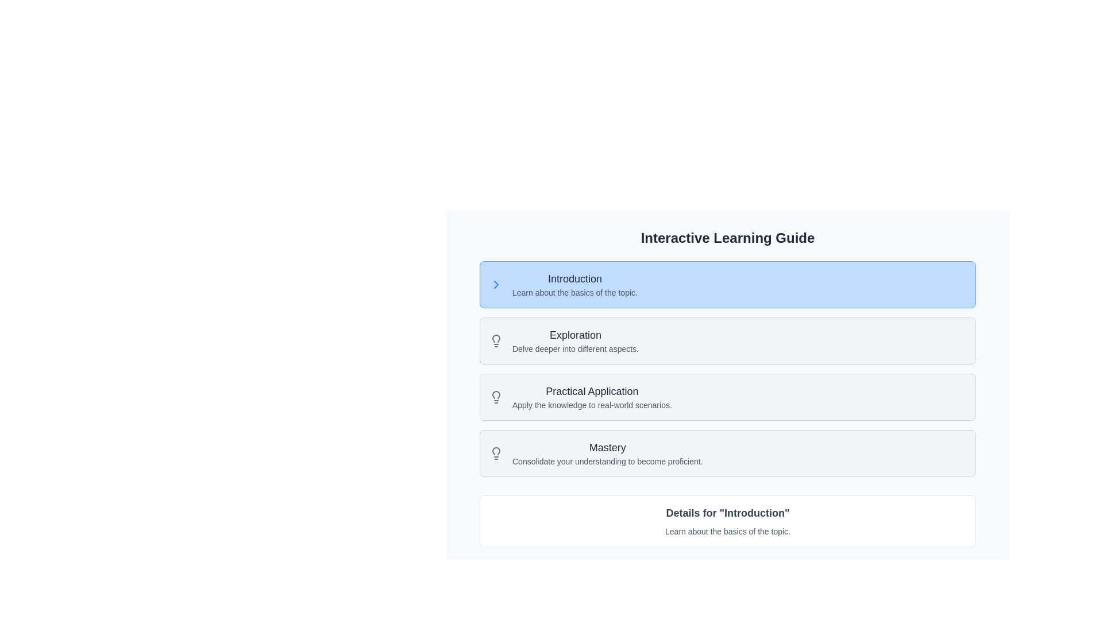 Image resolution: width=1103 pixels, height=620 pixels. Describe the element at coordinates (727, 453) in the screenshot. I see `the fourth card in the 'Interactive Learning Guide' section` at that location.